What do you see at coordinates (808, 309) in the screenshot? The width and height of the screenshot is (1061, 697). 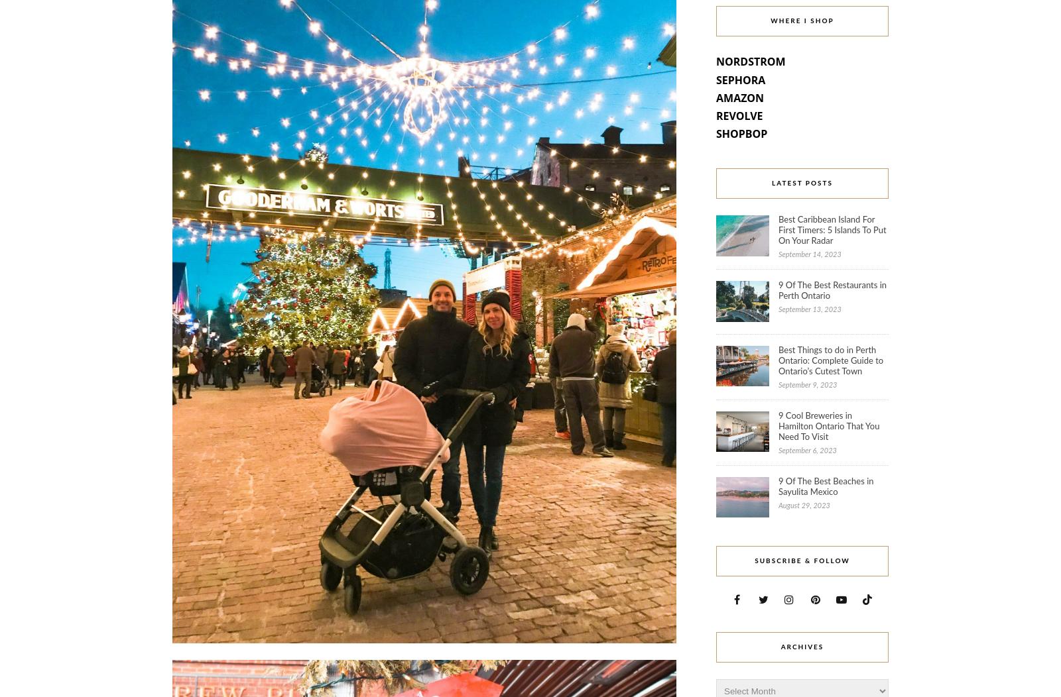 I see `'September 13, 2023'` at bounding box center [808, 309].